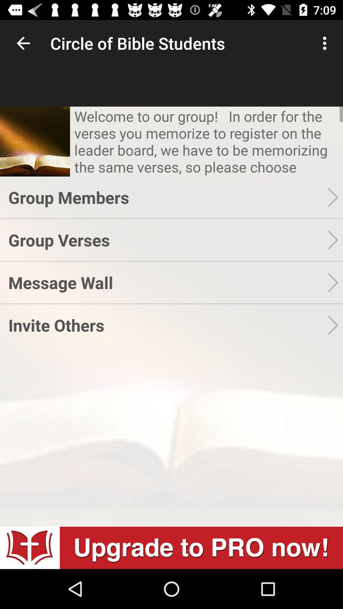 Image resolution: width=343 pixels, height=609 pixels. I want to click on icon next to circle of bible, so click(326, 43).